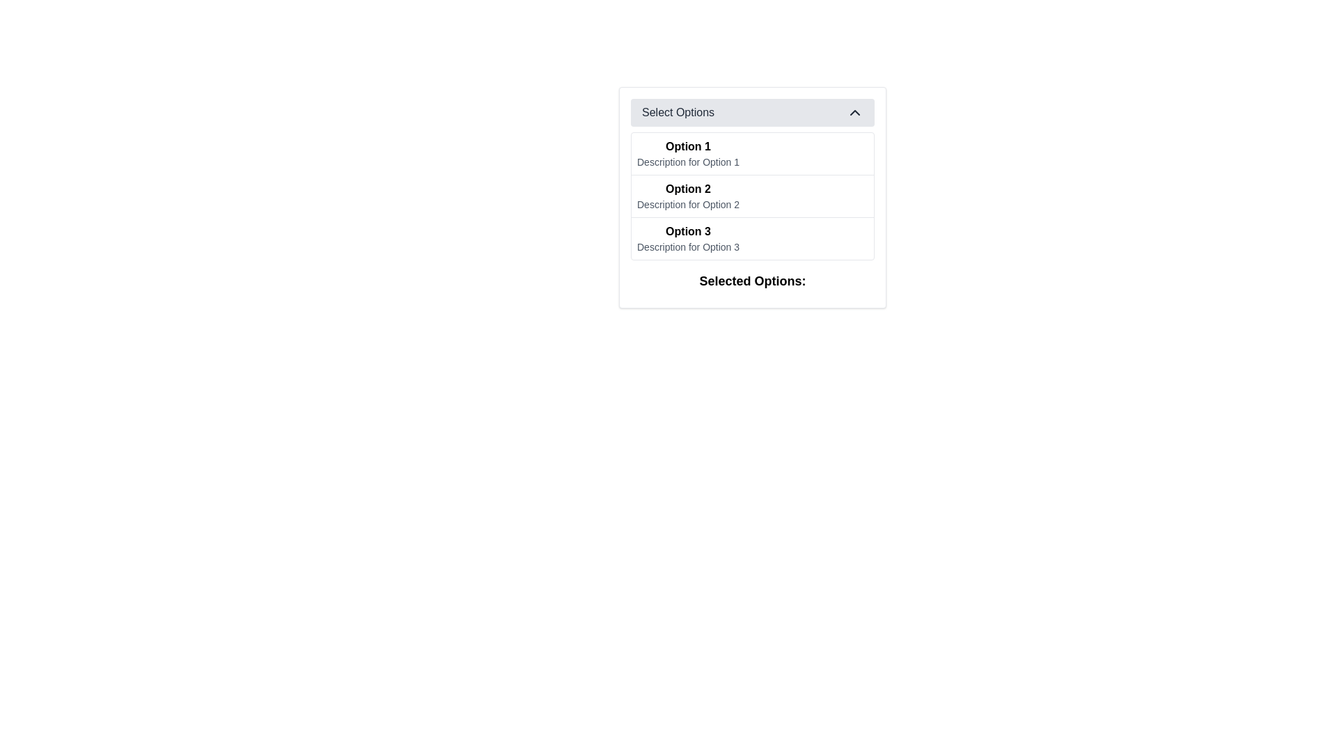  I want to click on textual element styled with a small font and light gray color that displays 'Description for Option 3', located in the dropdown menu under the section labeled 'Option 3', so click(688, 246).